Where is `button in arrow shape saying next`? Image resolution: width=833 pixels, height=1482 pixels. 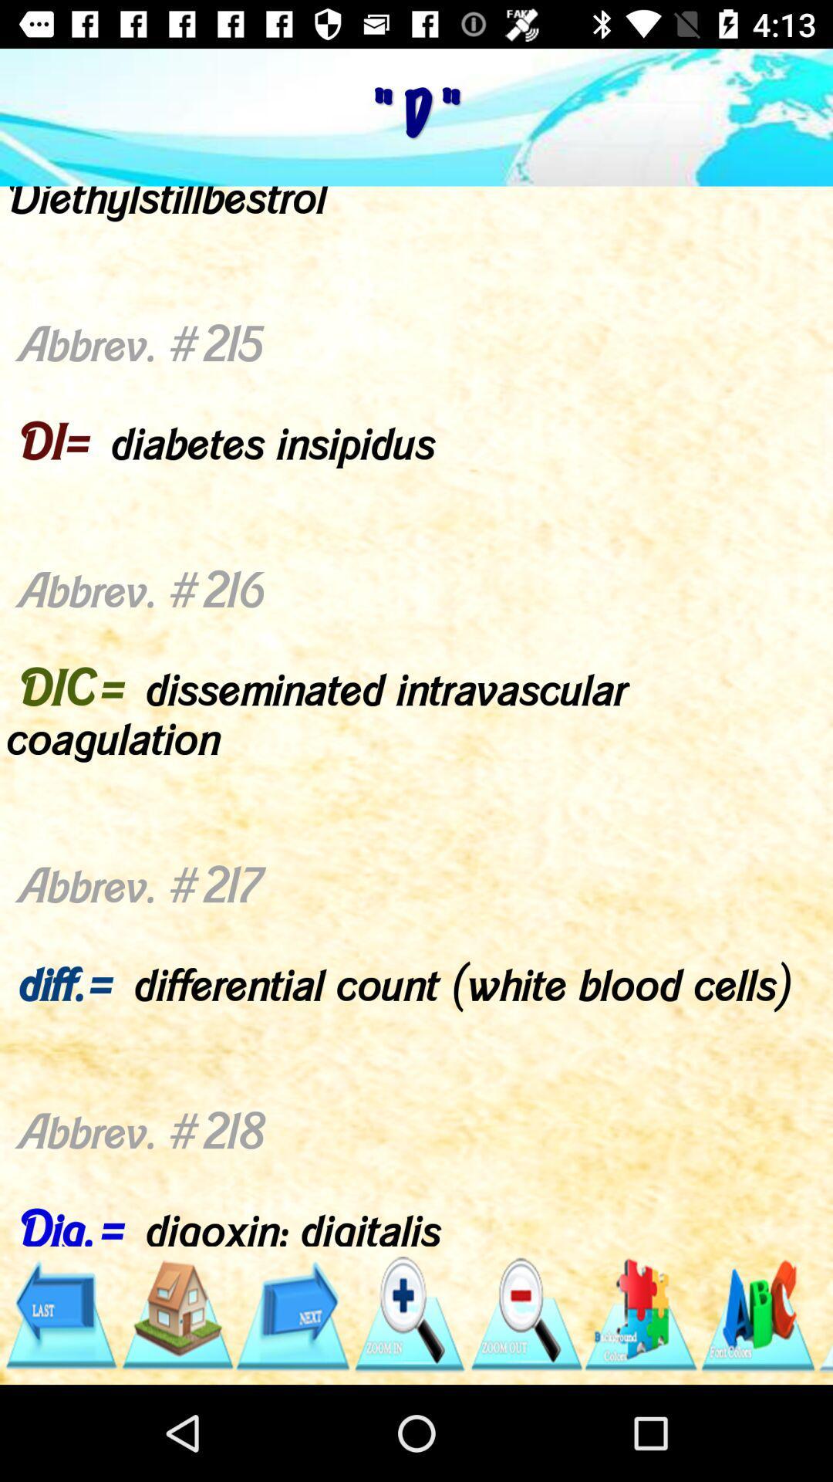
button in arrow shape saying next is located at coordinates (292, 1314).